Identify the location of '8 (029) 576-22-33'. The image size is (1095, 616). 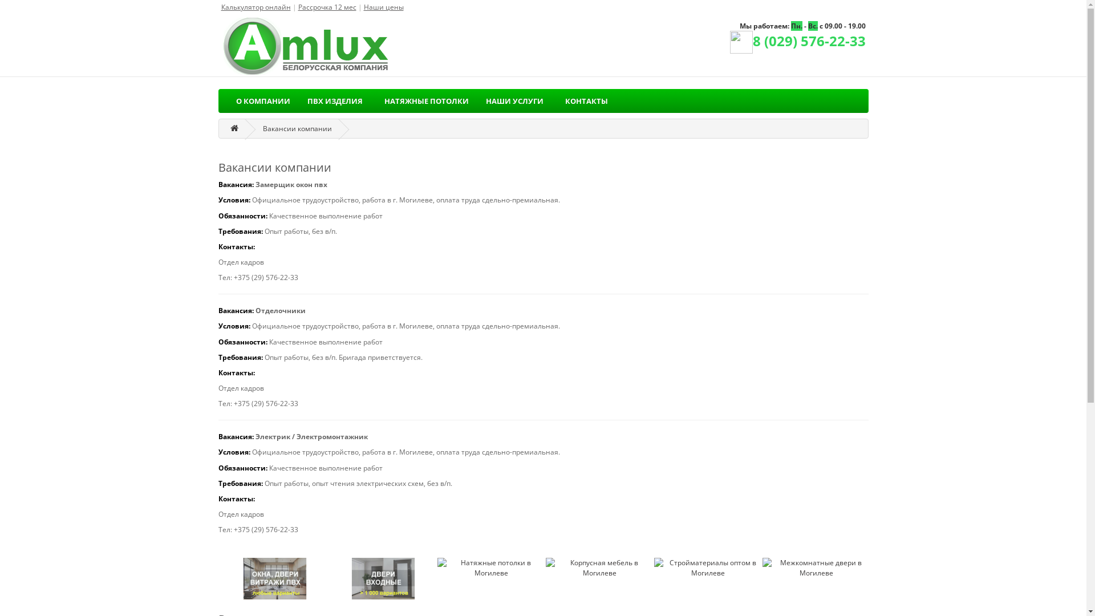
(797, 43).